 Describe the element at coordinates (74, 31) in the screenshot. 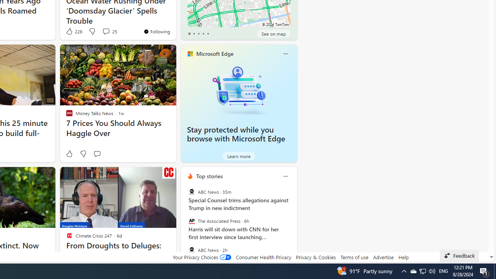

I see `'228 Like'` at that location.